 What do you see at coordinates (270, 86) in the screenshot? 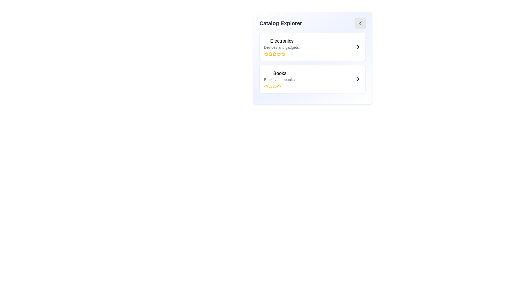
I see `the second star in the horizontal 5-star rating row below the 'Books' title to provide a rating` at bounding box center [270, 86].